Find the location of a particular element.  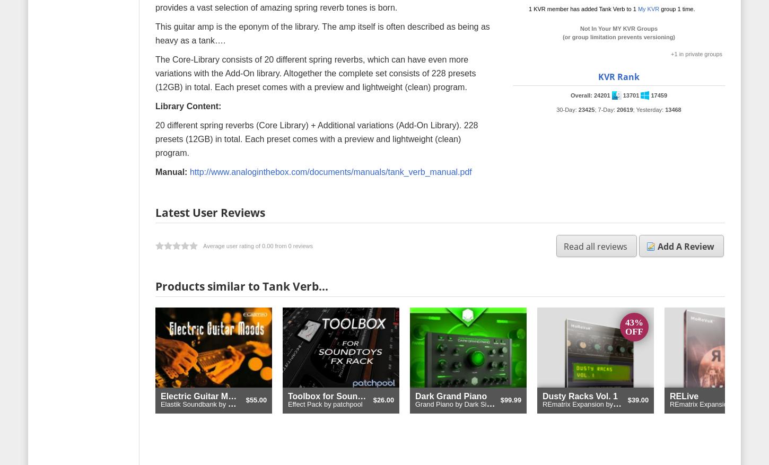

'23425' is located at coordinates (577, 109).